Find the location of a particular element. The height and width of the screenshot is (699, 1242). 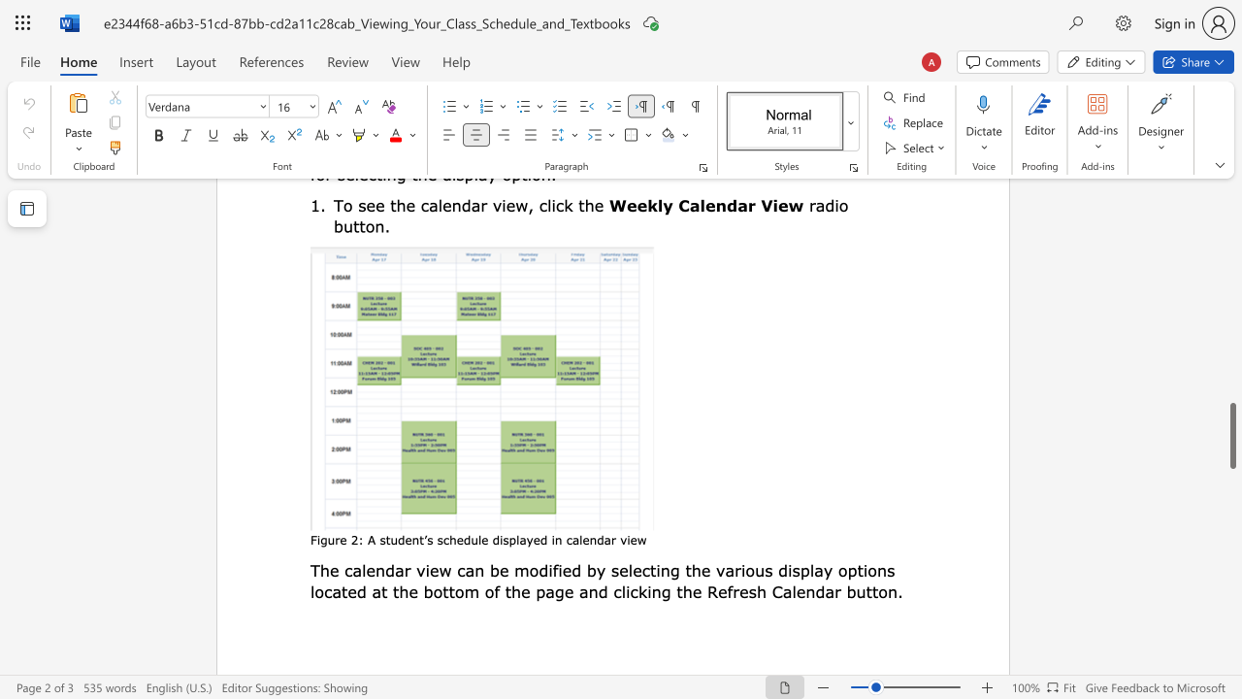

the scrollbar to move the content higher is located at coordinates (1231, 406).